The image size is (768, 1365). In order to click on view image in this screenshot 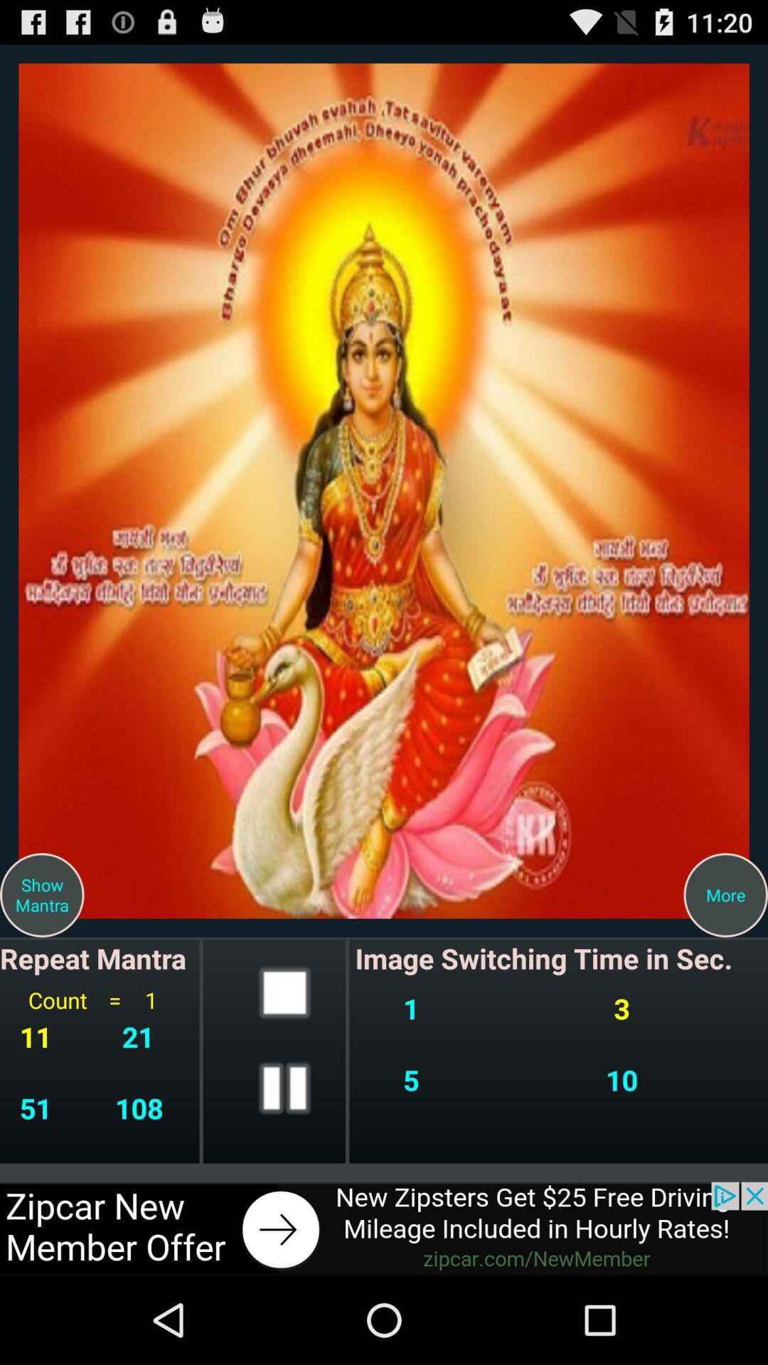, I will do `click(384, 491)`.